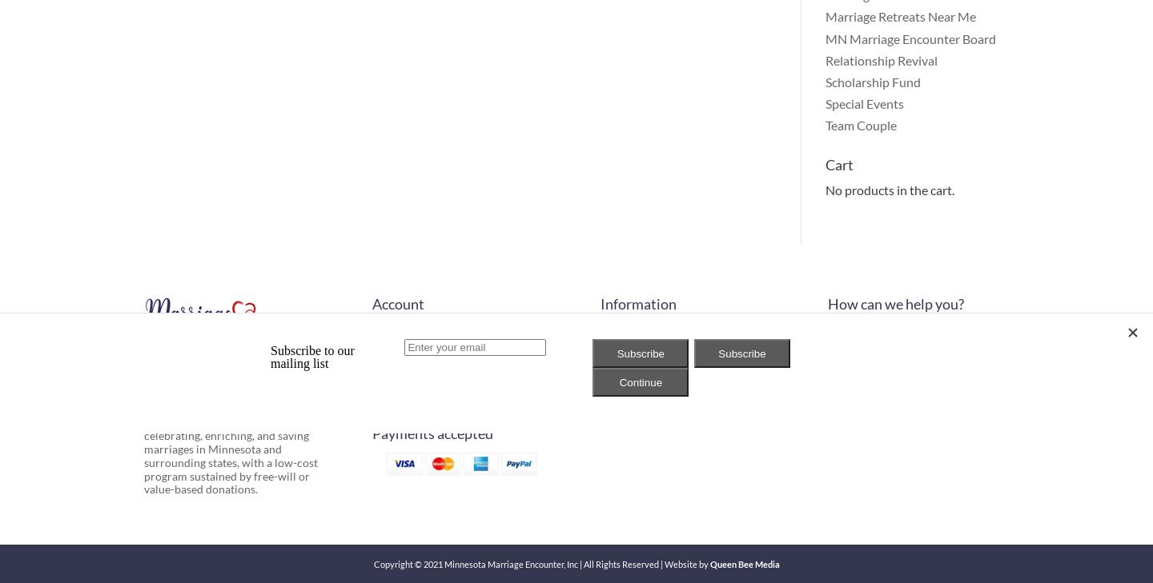 This screenshot has width=1153, height=583. Describe the element at coordinates (871, 80) in the screenshot. I see `'Scholarship Fund'` at that location.